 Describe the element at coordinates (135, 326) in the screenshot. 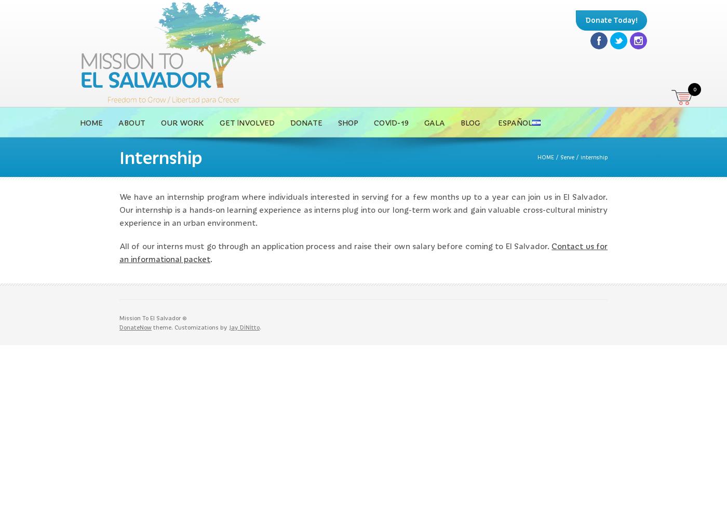

I see `'DonateNow'` at that location.